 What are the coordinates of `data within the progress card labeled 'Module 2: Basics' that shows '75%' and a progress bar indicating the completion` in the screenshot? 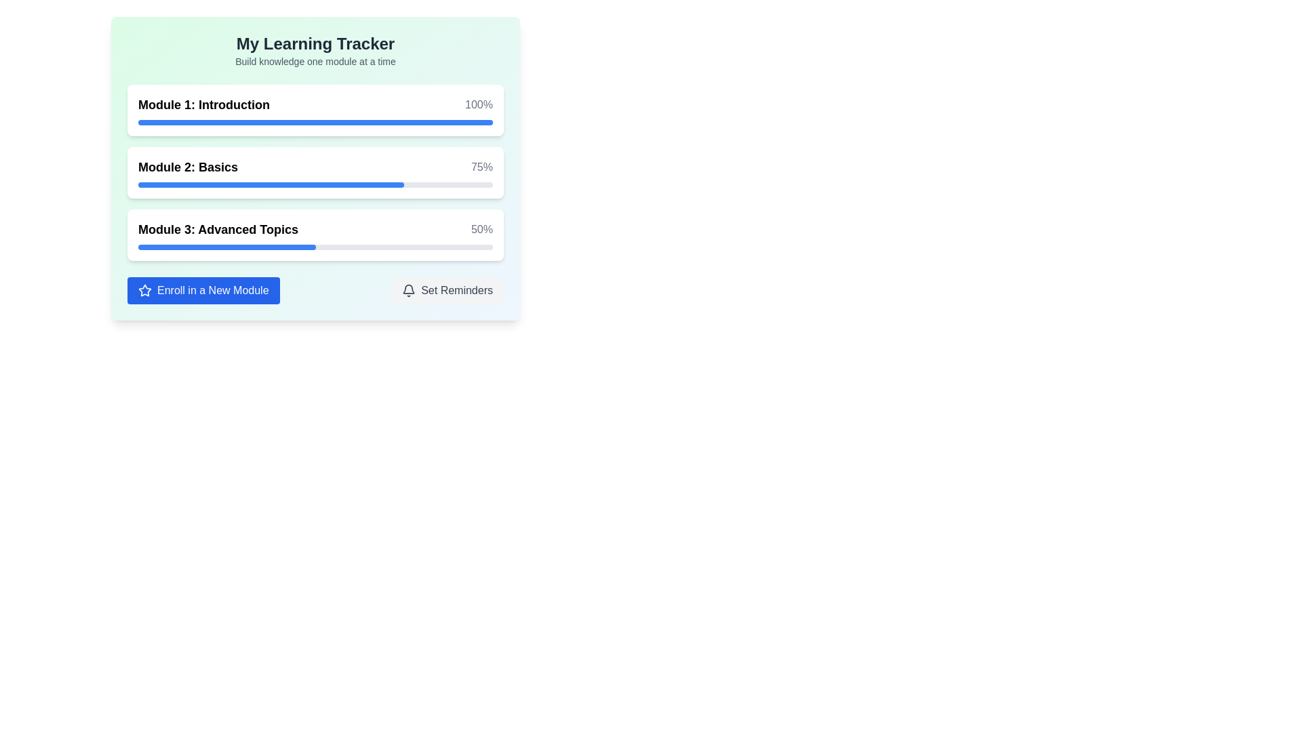 It's located at (315, 171).